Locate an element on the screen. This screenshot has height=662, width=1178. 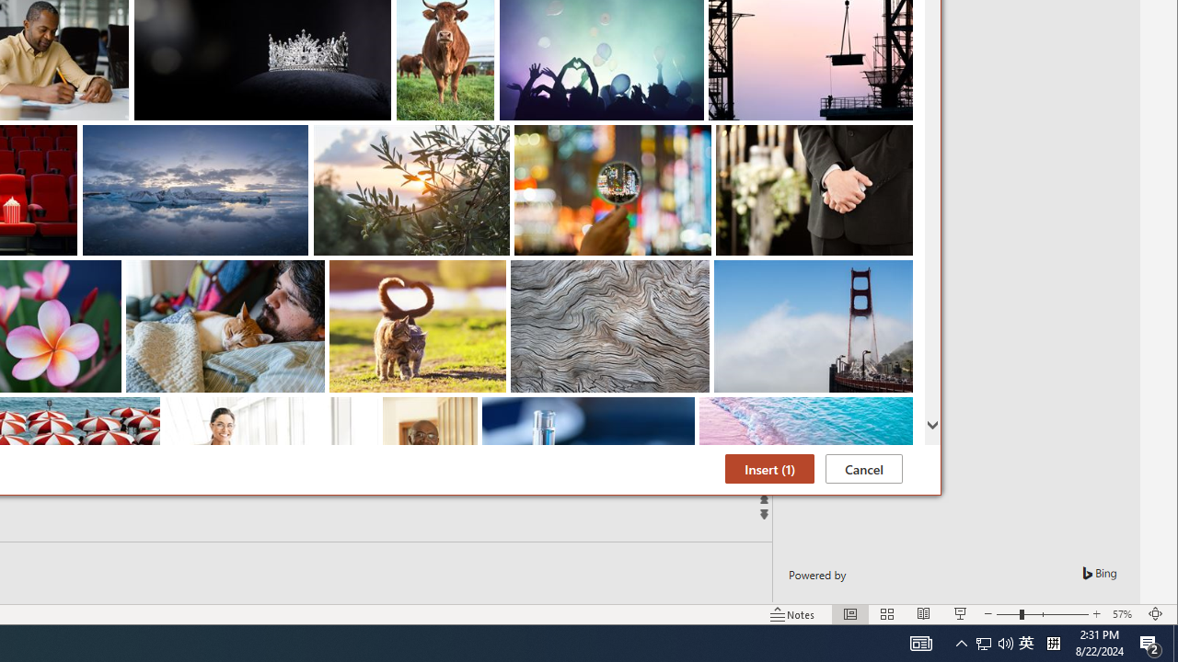
'Insert (1)' is located at coordinates (769, 468).